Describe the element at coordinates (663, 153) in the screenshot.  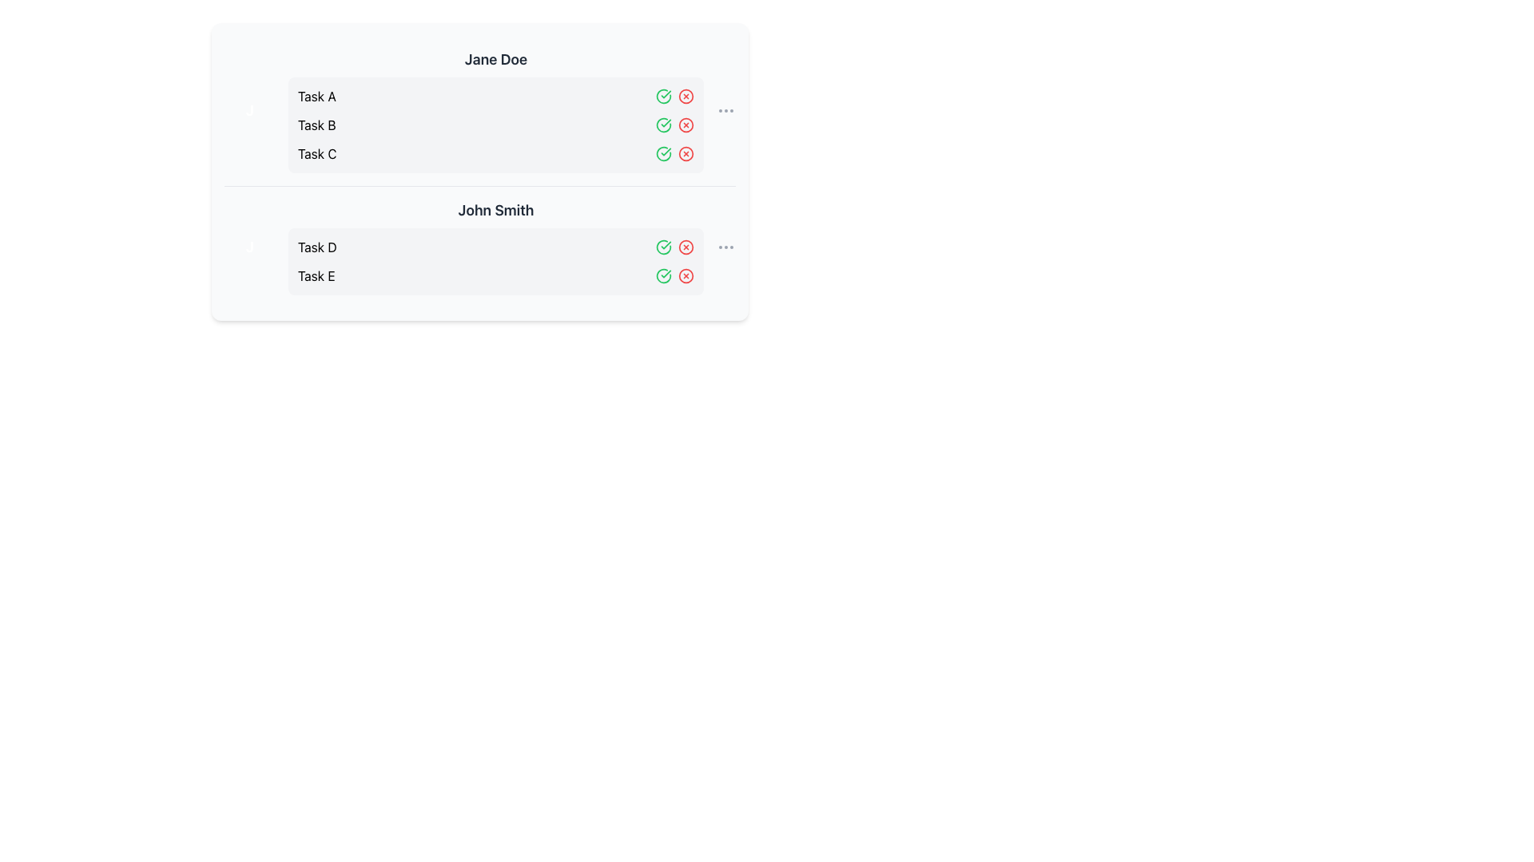
I see `the decorative 'check' circle icon within the SVG group, located to the right of 'Task C' under 'Jane Doe'` at that location.